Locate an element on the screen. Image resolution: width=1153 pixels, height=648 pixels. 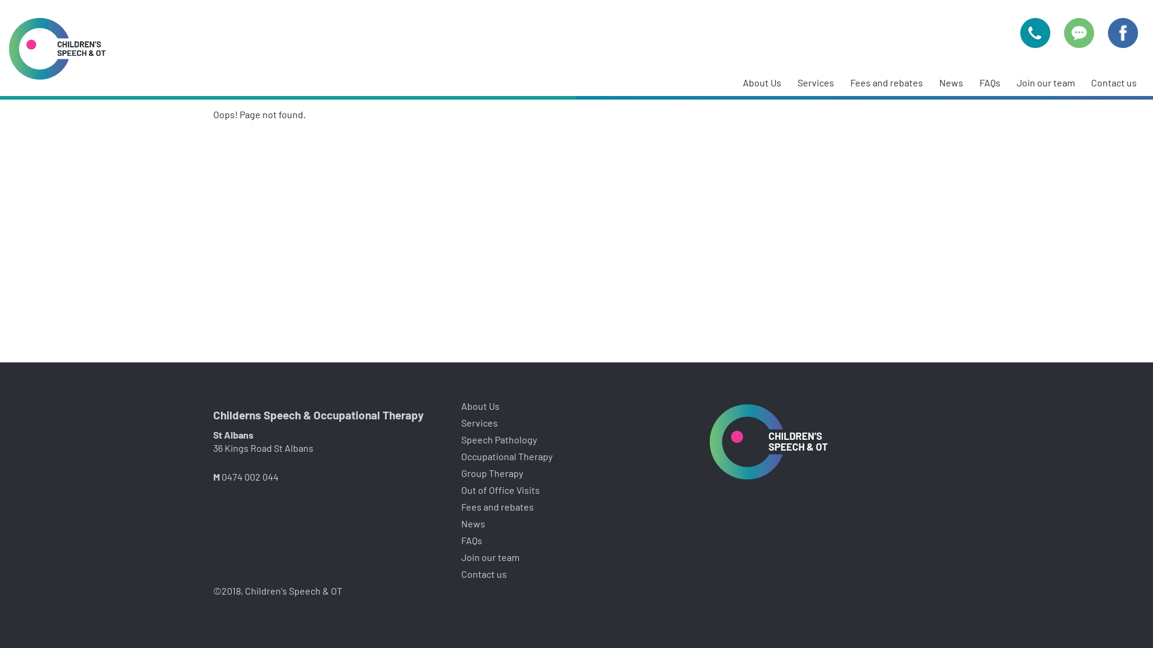
'Out of Office Visits' is located at coordinates (500, 490).